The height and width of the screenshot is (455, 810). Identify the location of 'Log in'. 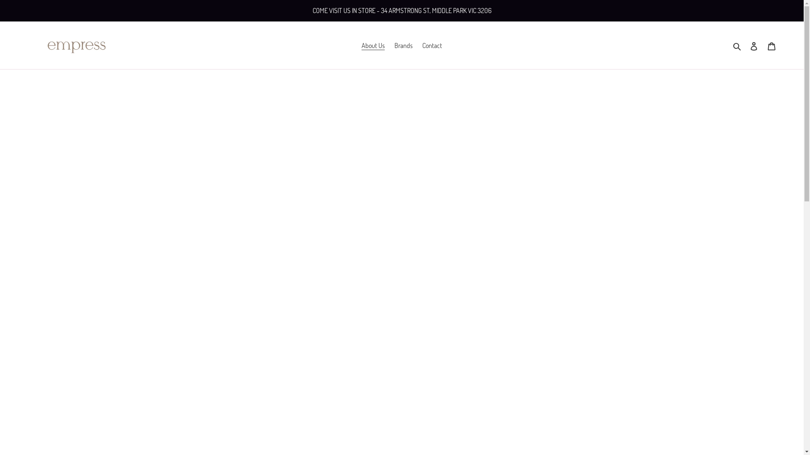
(753, 45).